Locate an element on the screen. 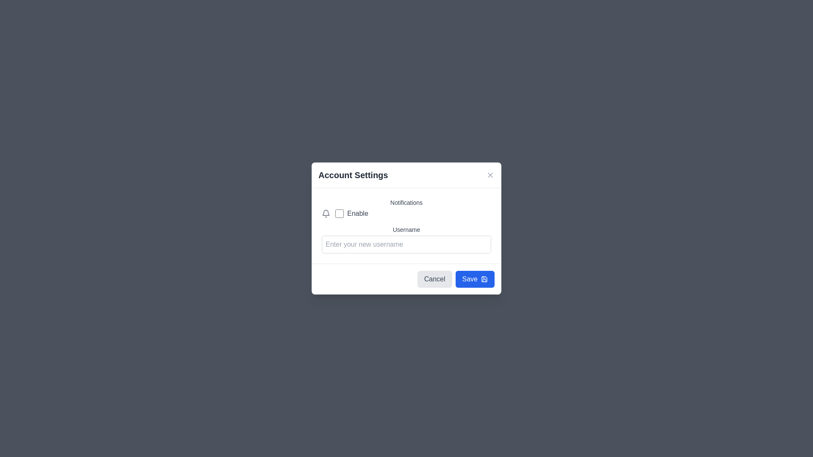 This screenshot has height=457, width=813. the 'Save' button icon located at the lower-right corner of the dialog box is located at coordinates (484, 279).